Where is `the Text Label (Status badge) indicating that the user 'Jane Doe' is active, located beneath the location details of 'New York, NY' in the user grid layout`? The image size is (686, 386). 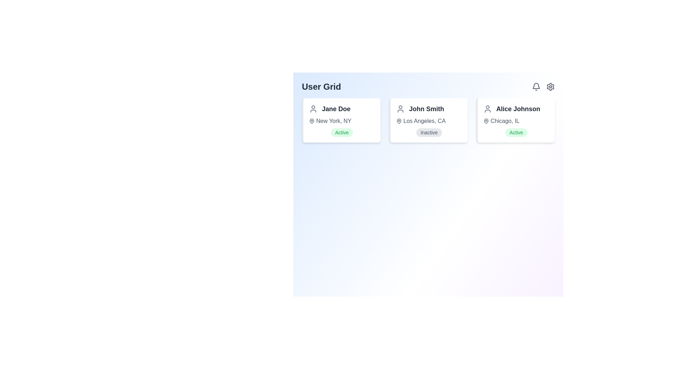
the Text Label (Status badge) indicating that the user 'Jane Doe' is active, located beneath the location details of 'New York, NY' in the user grid layout is located at coordinates (341, 132).